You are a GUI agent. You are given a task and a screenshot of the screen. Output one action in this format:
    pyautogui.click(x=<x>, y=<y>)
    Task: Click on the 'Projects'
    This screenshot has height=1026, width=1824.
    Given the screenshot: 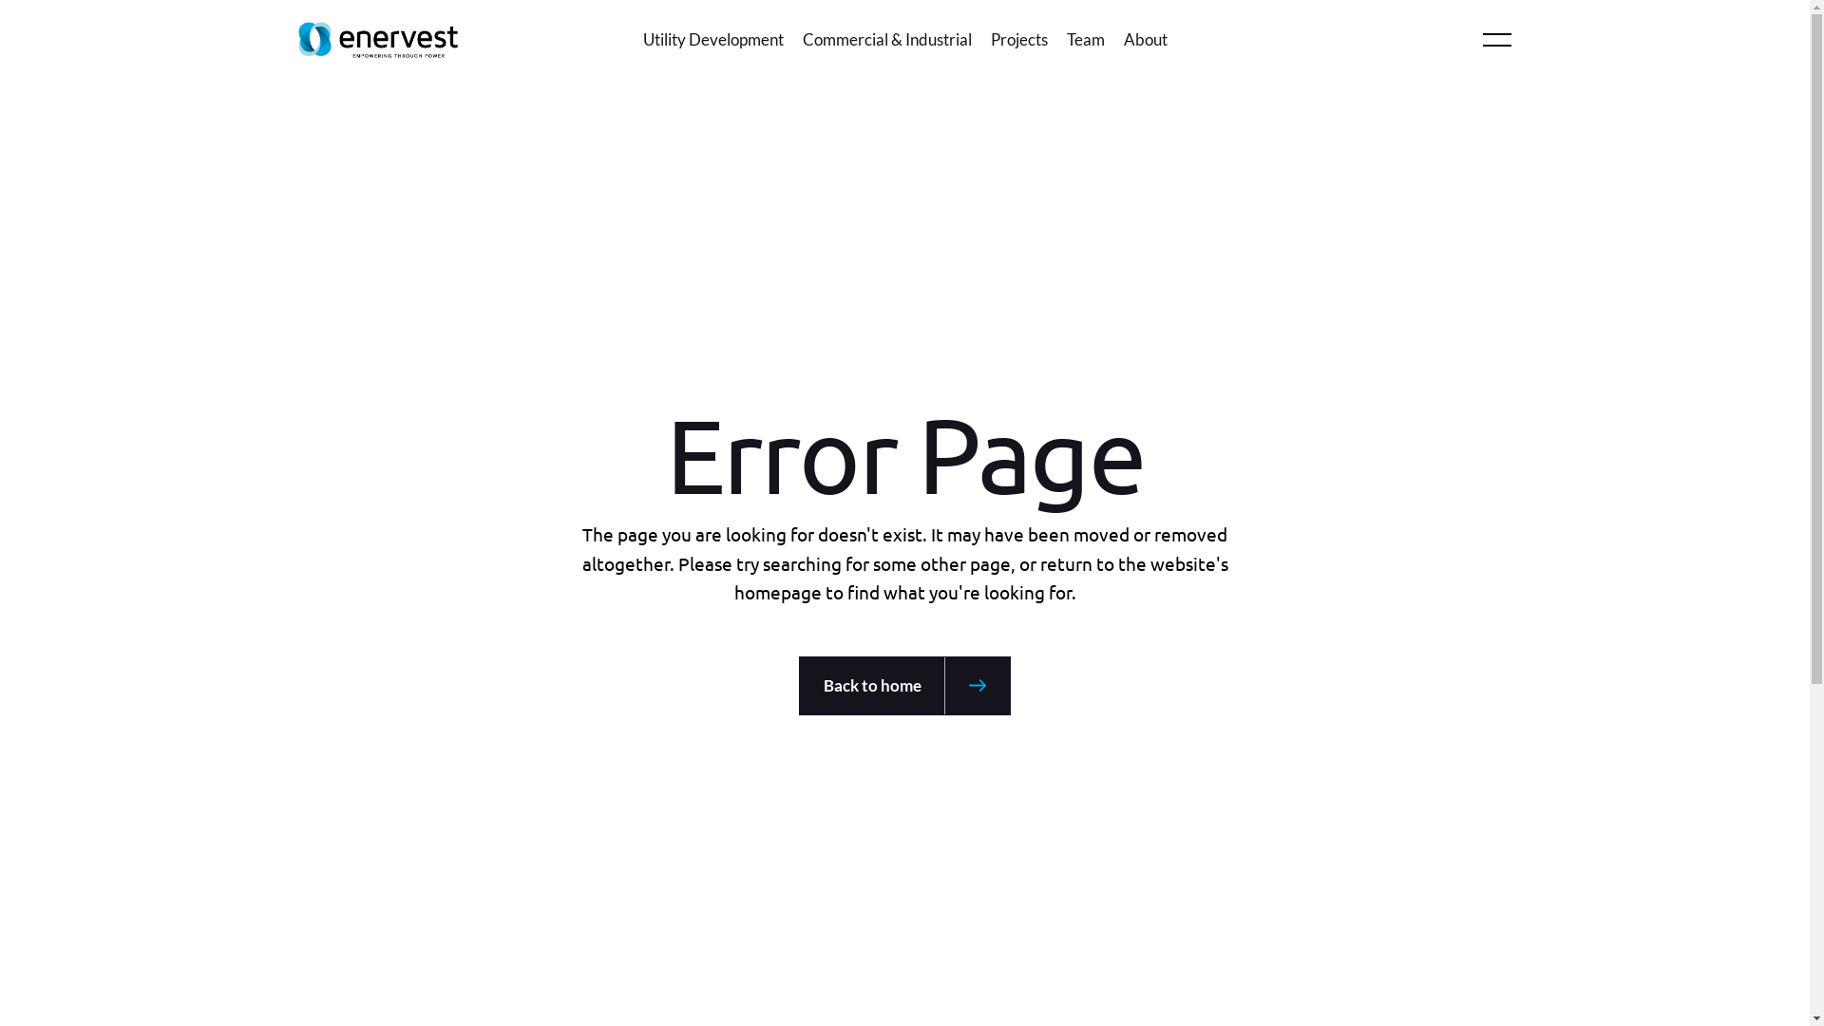 What is the action you would take?
    pyautogui.click(x=988, y=40)
    